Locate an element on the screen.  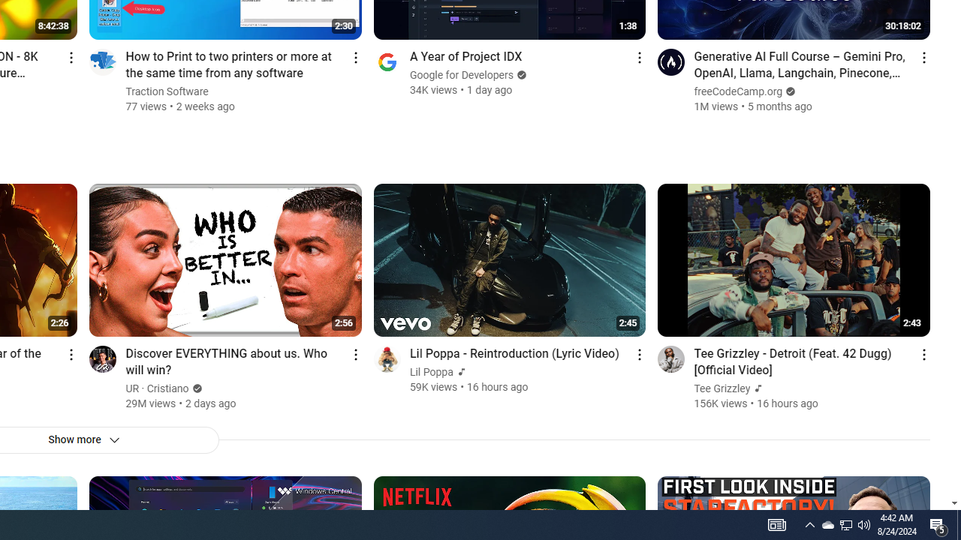
'Google for Developers' is located at coordinates (461, 75).